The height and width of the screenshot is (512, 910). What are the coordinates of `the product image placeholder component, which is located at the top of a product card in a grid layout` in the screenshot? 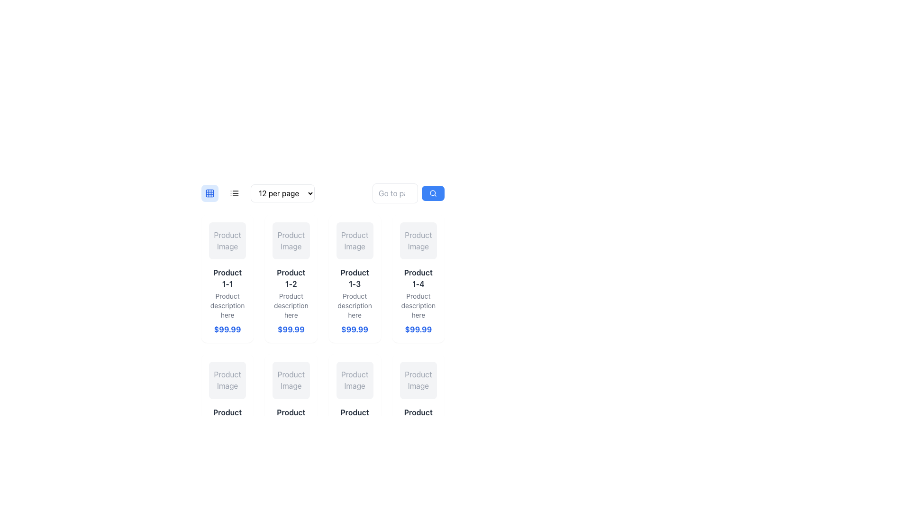 It's located at (291, 380).